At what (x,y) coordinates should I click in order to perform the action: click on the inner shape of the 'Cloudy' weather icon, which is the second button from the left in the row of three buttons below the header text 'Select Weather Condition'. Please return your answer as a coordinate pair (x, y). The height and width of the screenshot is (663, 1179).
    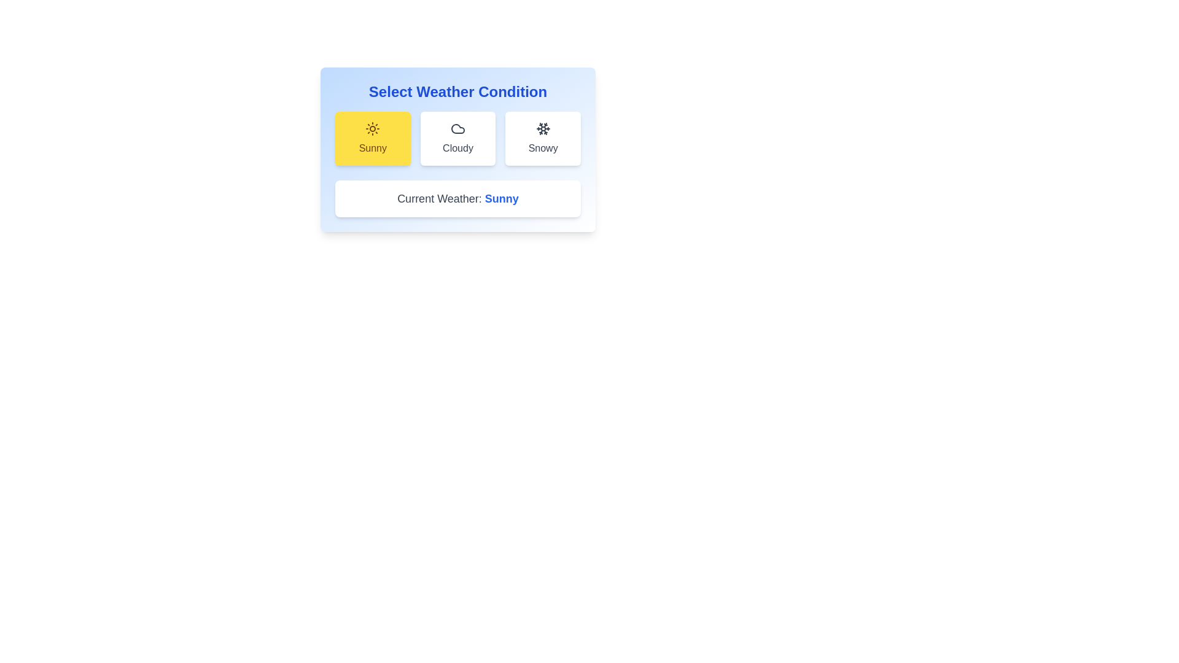
    Looking at the image, I should click on (457, 128).